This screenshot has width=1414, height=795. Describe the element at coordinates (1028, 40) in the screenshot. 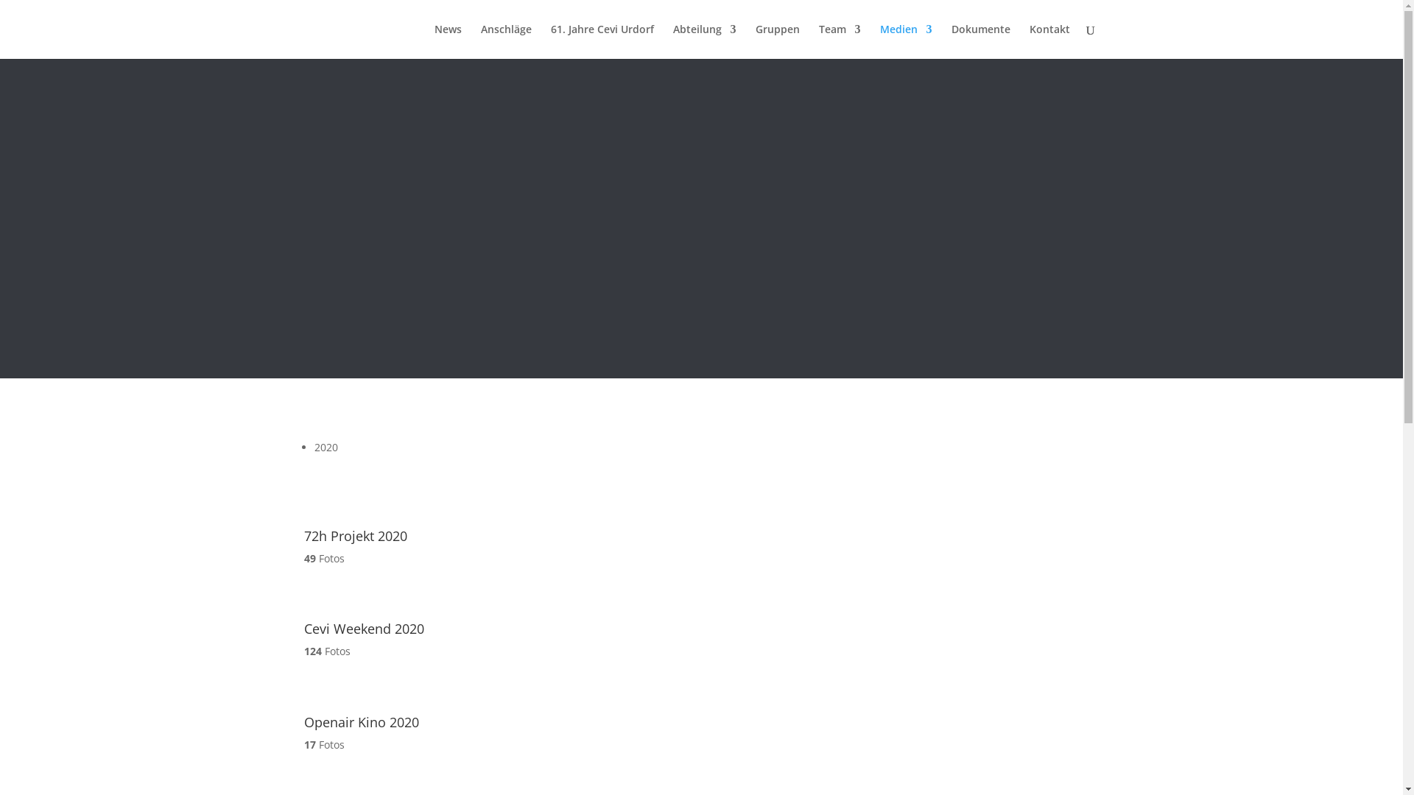

I see `'Kontakt'` at that location.